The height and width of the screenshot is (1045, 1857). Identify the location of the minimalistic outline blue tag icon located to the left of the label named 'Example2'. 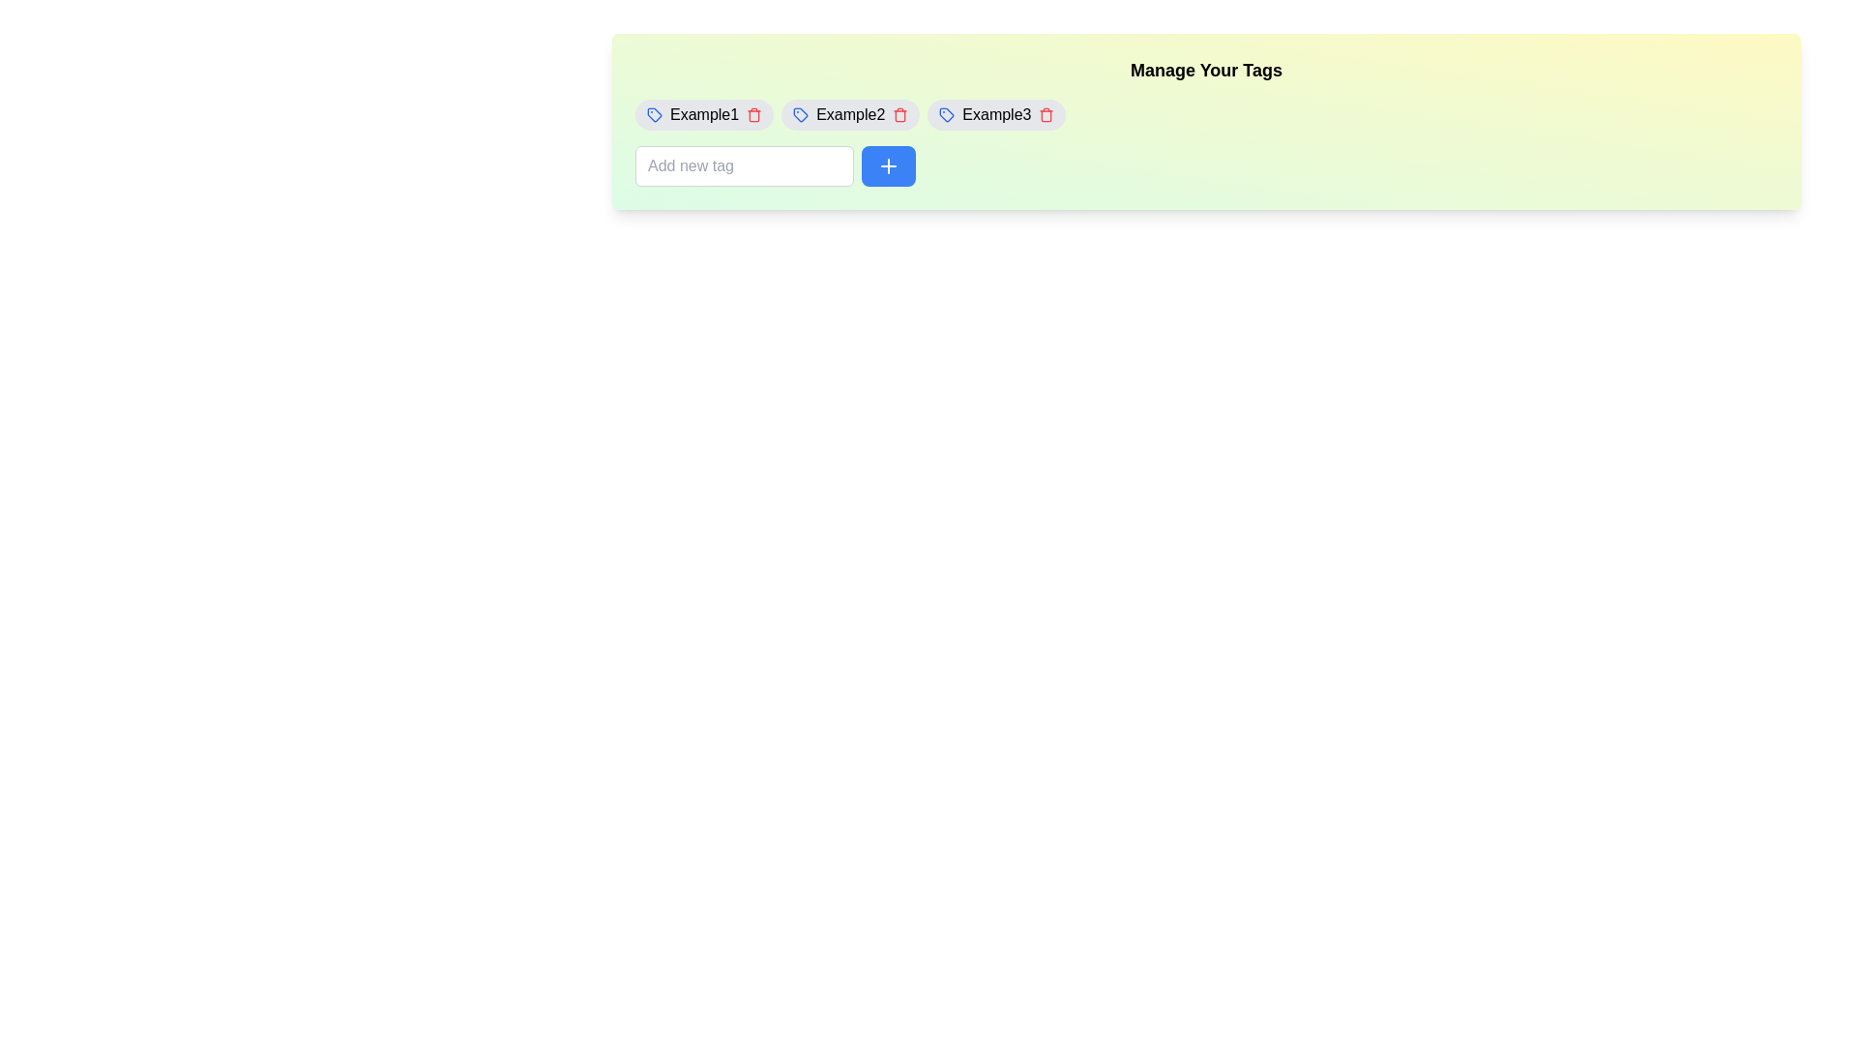
(801, 115).